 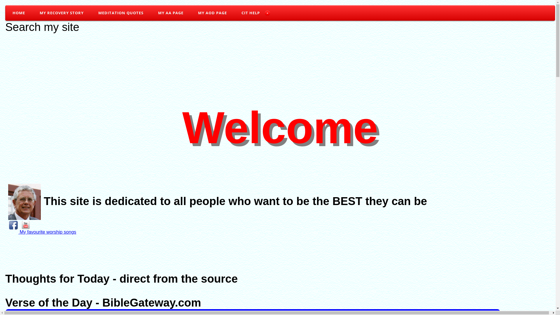 What do you see at coordinates (32, 13) in the screenshot?
I see `'MY RECOVERY STORY'` at bounding box center [32, 13].